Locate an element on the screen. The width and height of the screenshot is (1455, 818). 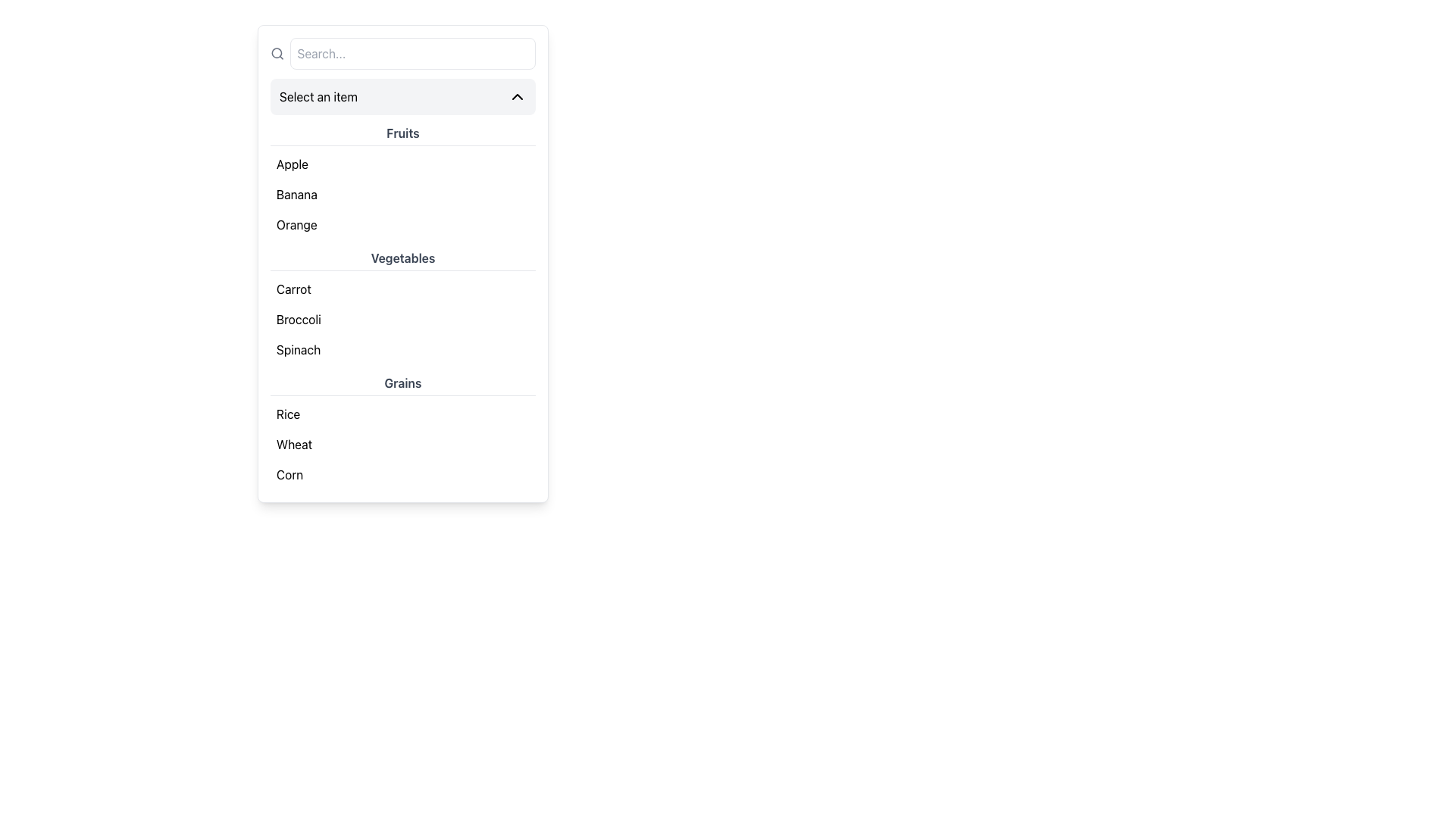
the static header text label that categorizes the dropdown items such as 'Apple', 'Banana', and 'Orange' is located at coordinates (403, 133).